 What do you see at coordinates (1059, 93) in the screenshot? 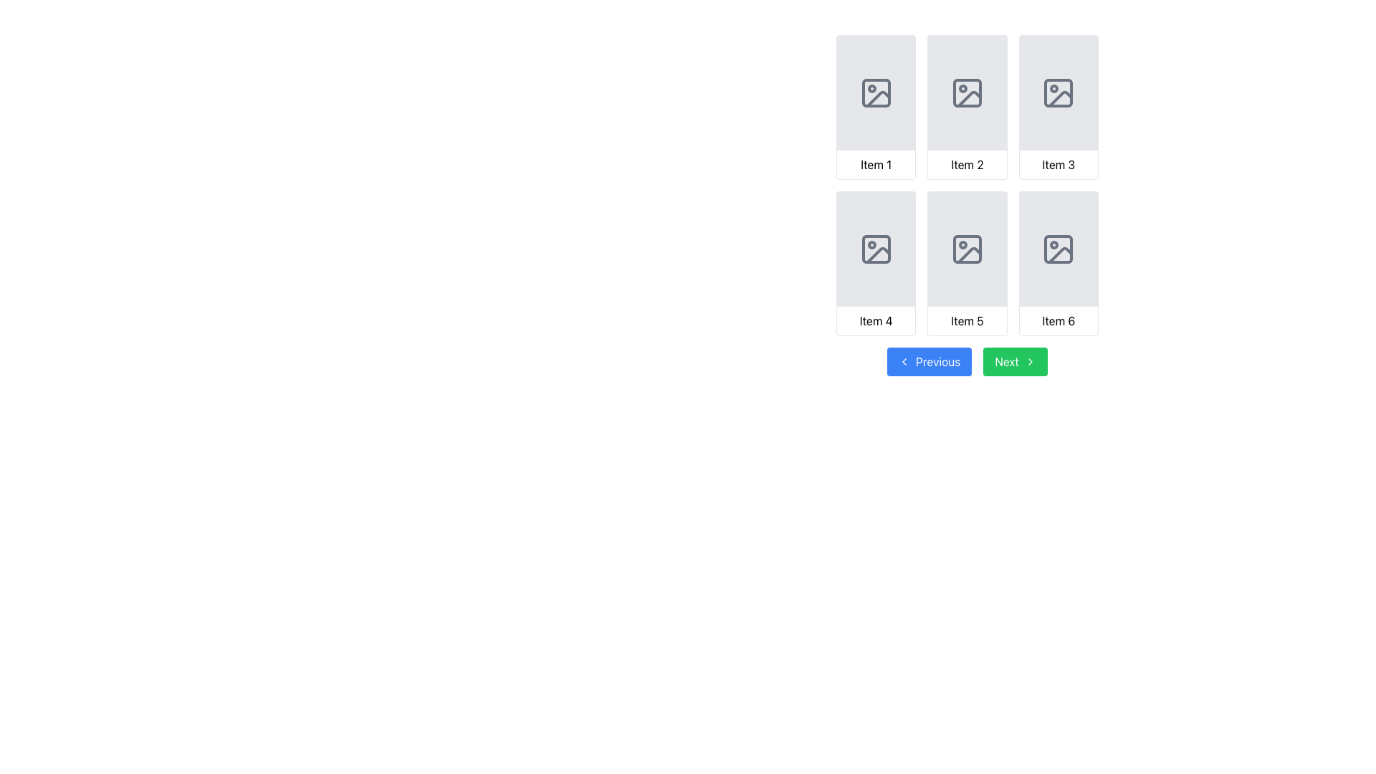
I see `the graphical icon in the third card of the grid layout, which serves as a visual indicator and is styled in light gray` at bounding box center [1059, 93].